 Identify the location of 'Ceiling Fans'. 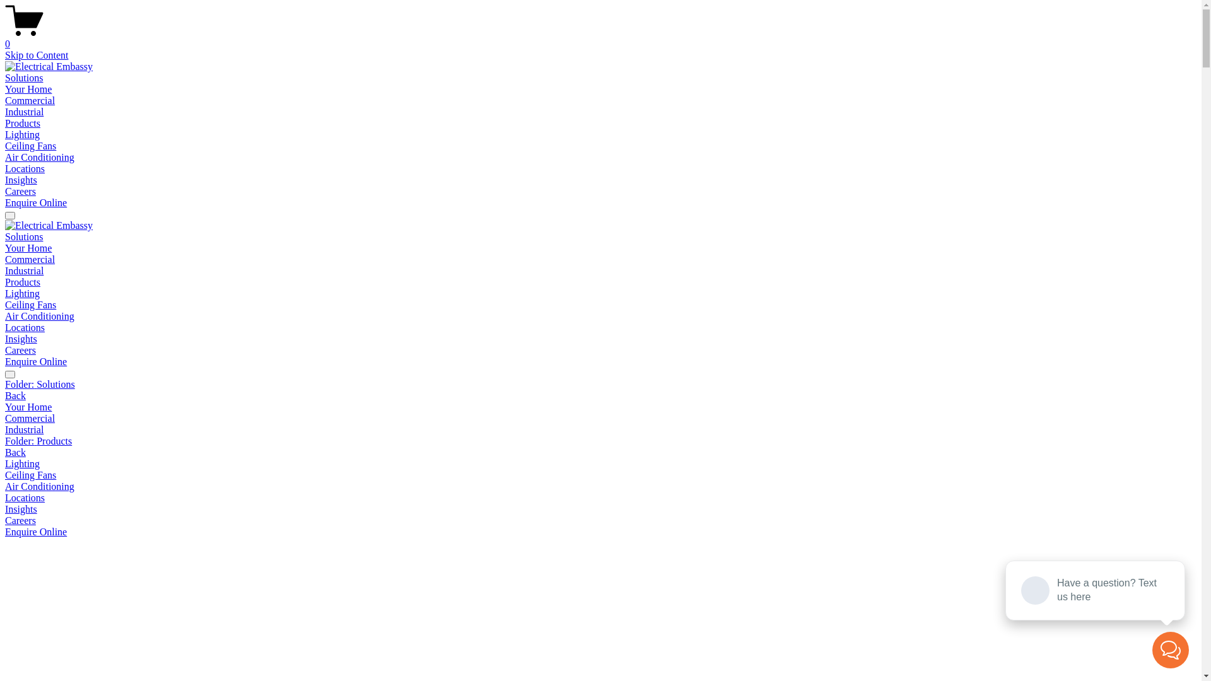
(30, 305).